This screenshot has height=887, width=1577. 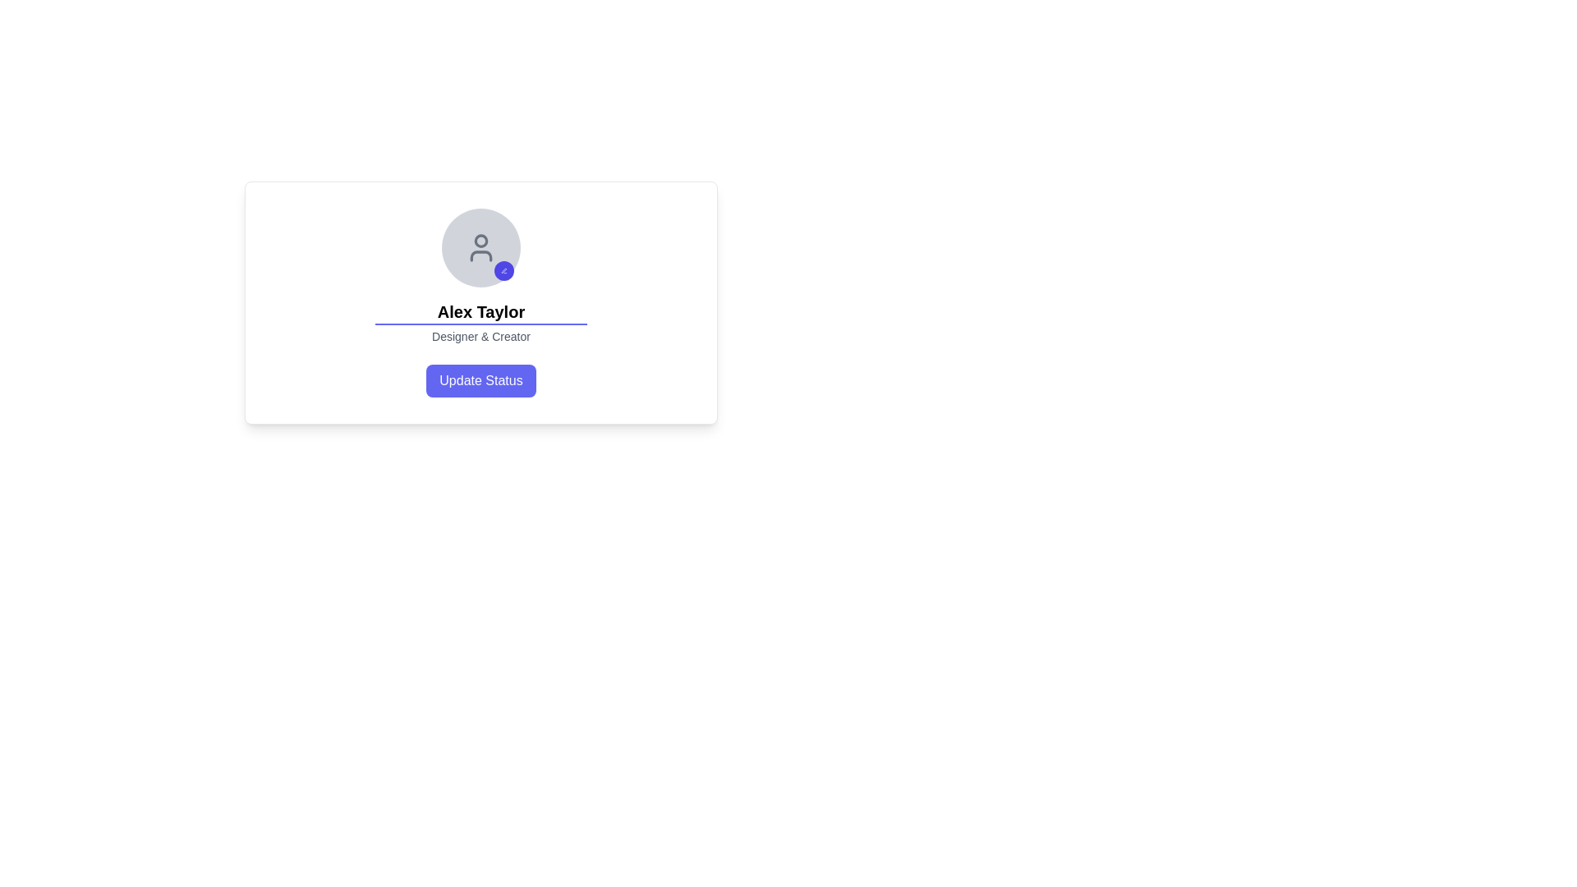 I want to click on the circular Icon component that represents a user profile, positioned centrally above the lower curved segment of the icon, so click(x=480, y=241).